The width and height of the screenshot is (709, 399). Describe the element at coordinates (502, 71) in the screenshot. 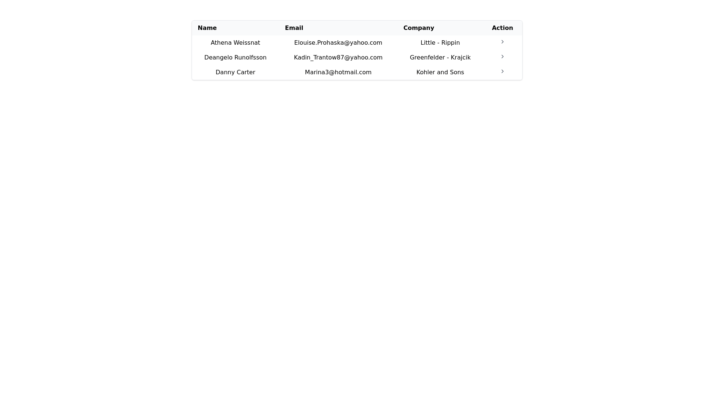

I see `the interactive chevron icon located in the second row of the Action column of the table for keyboard navigation` at that location.